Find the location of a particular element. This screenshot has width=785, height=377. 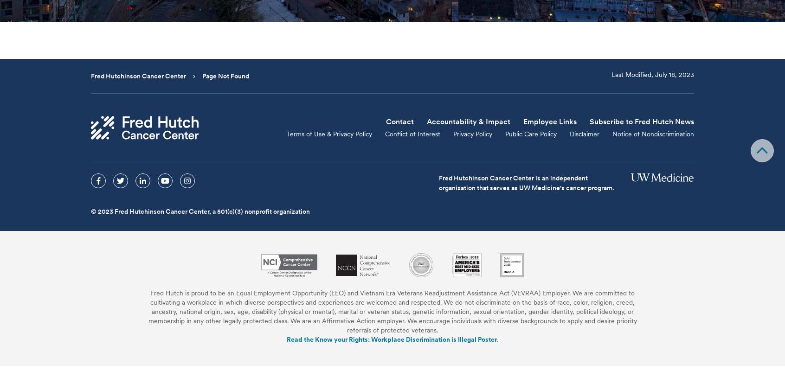

'Fred Hutchinson Cancer Center is an independent organization that serves as UW Medicine's cancer program.' is located at coordinates (526, 182).